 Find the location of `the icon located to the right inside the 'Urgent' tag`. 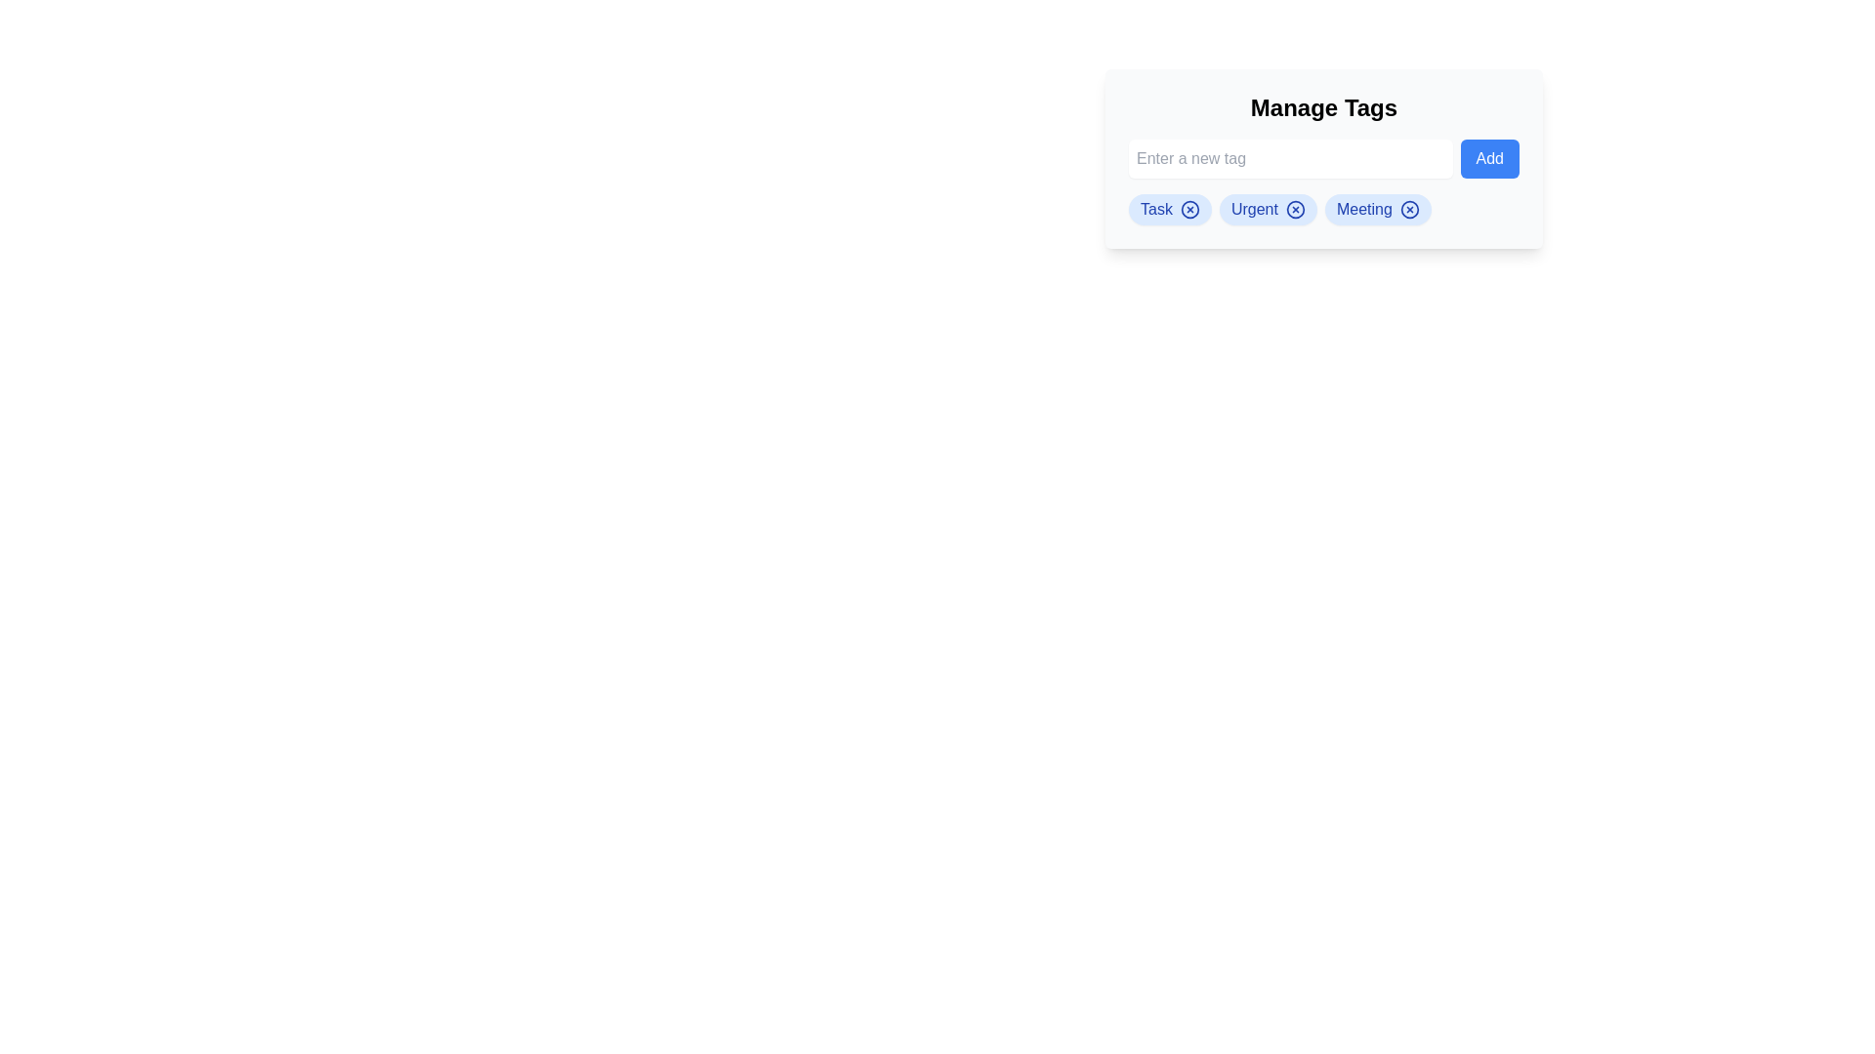

the icon located to the right inside the 'Urgent' tag is located at coordinates (1295, 210).